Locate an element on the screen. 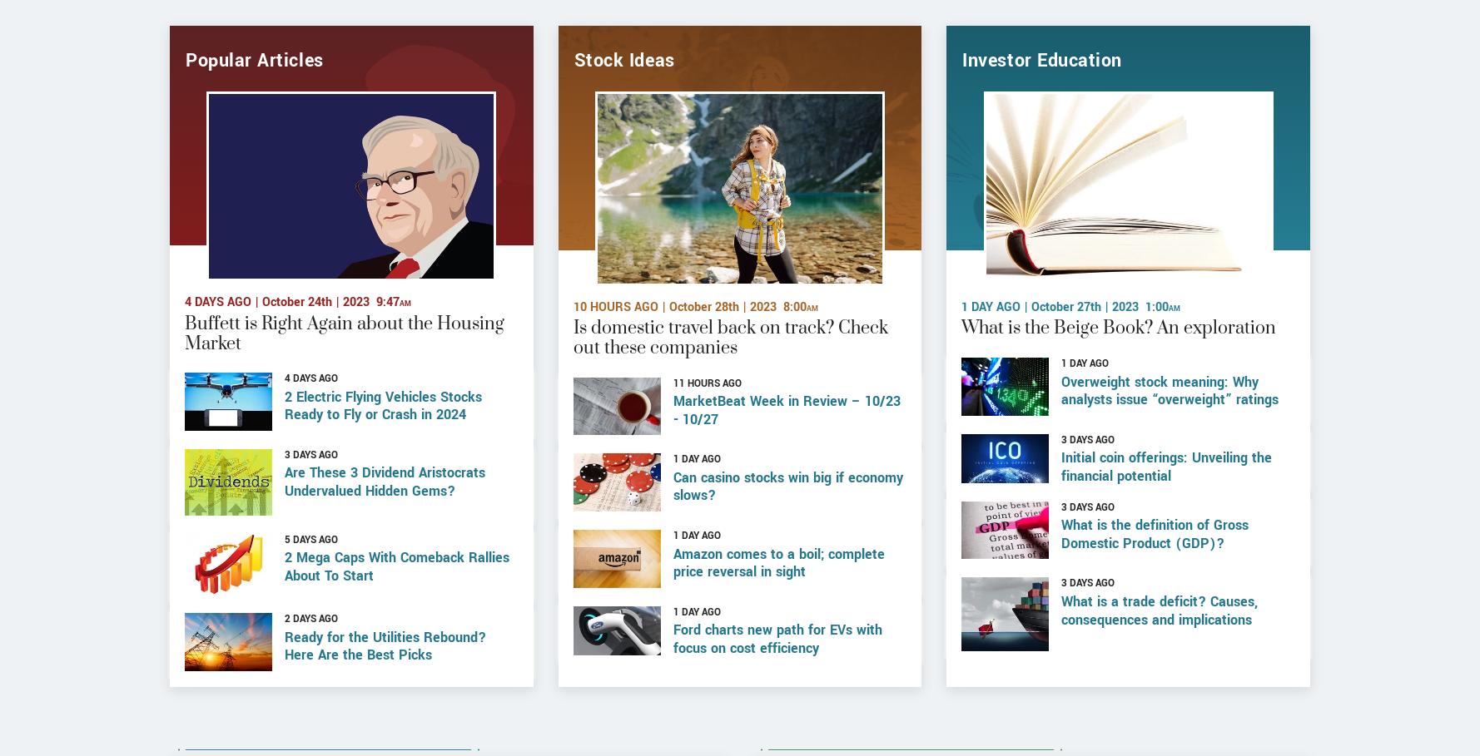 Image resolution: width=1480 pixels, height=756 pixels. 'What is the Beige Book? An exploration' is located at coordinates (1117, 392).